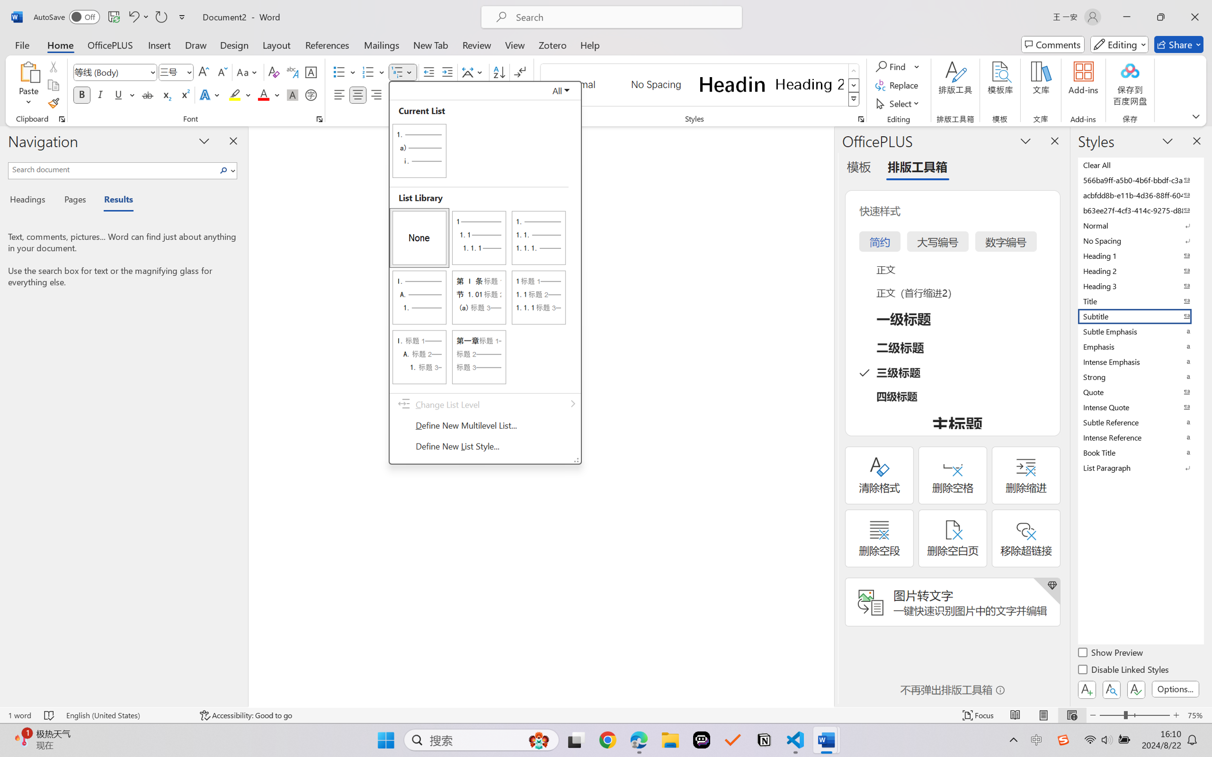  Describe the element at coordinates (1015, 715) in the screenshot. I see `'Read Mode'` at that location.